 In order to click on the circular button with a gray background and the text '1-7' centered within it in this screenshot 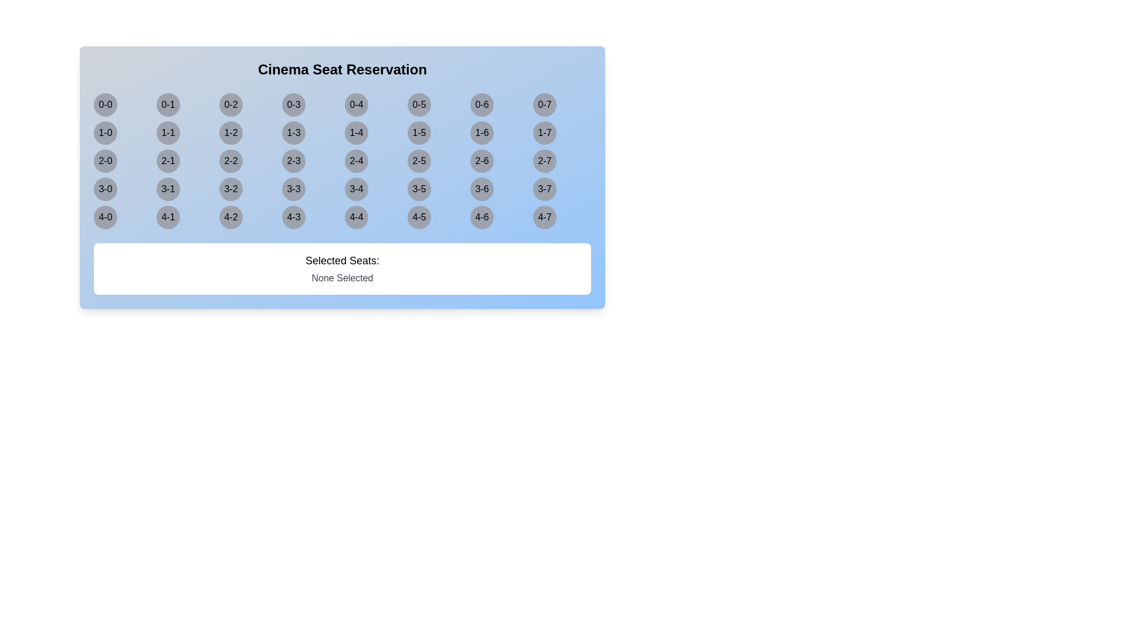, I will do `click(544, 132)`.